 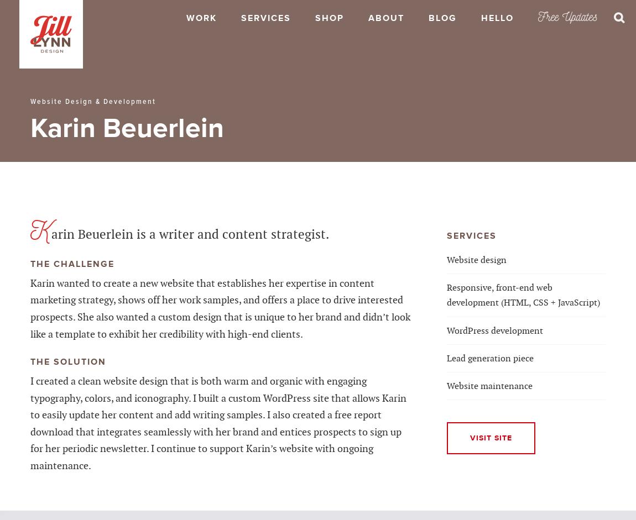 What do you see at coordinates (218, 422) in the screenshot?
I see `'I created a clean website design that is both warm and organic with engaging typography, colors, and iconography. I built a custom WordPress site that allows Karin to easily update her content and add writing samples. I also created a free report download that integrates seamlessly with her brand and entices prospects to sign up for her periodic newsletter. I continue to support Karin’s website with ongoing maintenance.'` at bounding box center [218, 422].